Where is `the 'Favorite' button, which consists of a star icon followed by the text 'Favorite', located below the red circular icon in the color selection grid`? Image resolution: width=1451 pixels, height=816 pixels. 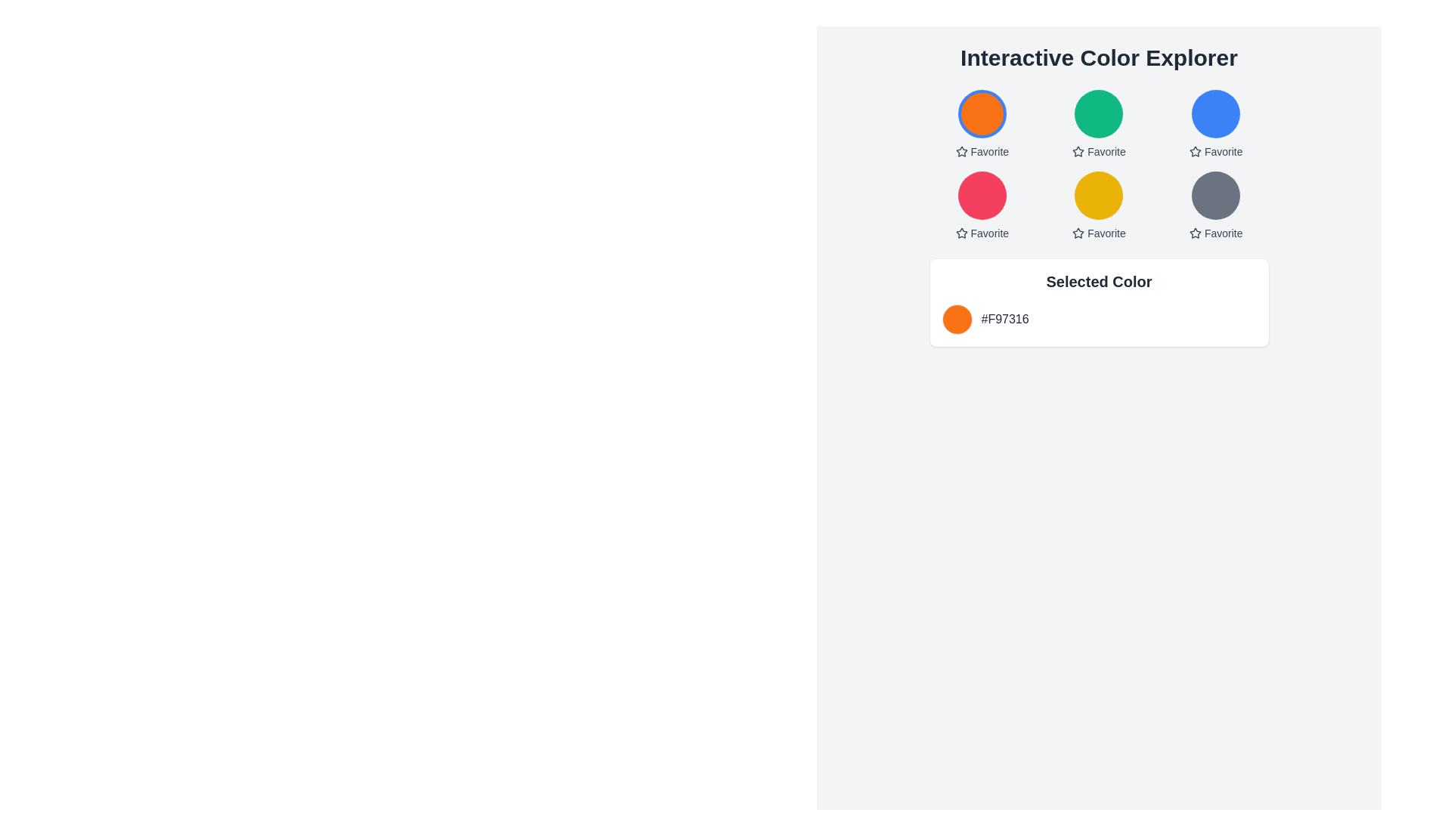 the 'Favorite' button, which consists of a star icon followed by the text 'Favorite', located below the red circular icon in the color selection grid is located at coordinates (982, 233).